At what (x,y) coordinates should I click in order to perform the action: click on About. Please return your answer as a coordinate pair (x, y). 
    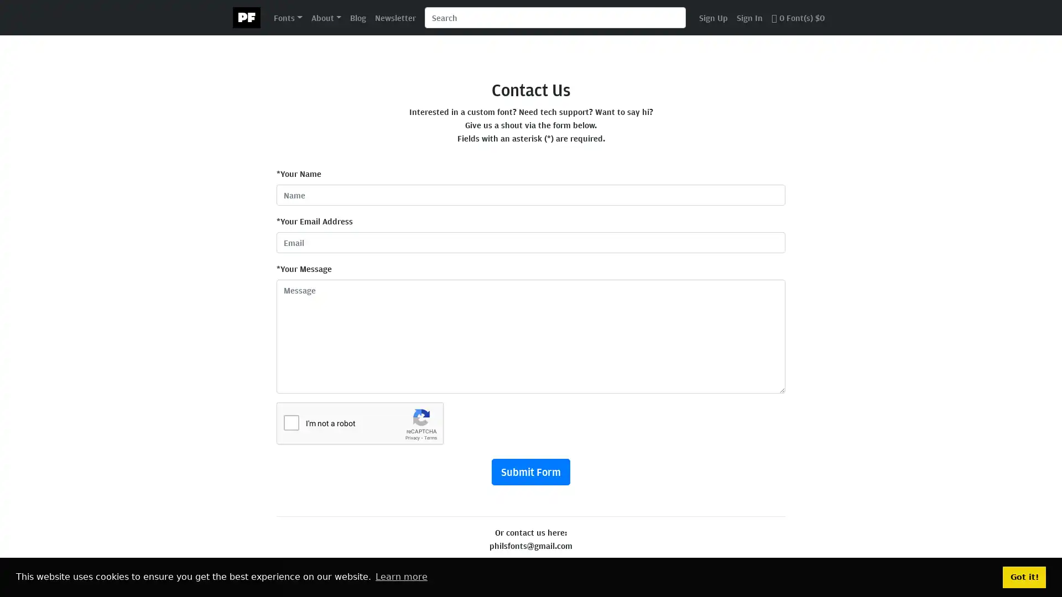
    Looking at the image, I should click on (325, 17).